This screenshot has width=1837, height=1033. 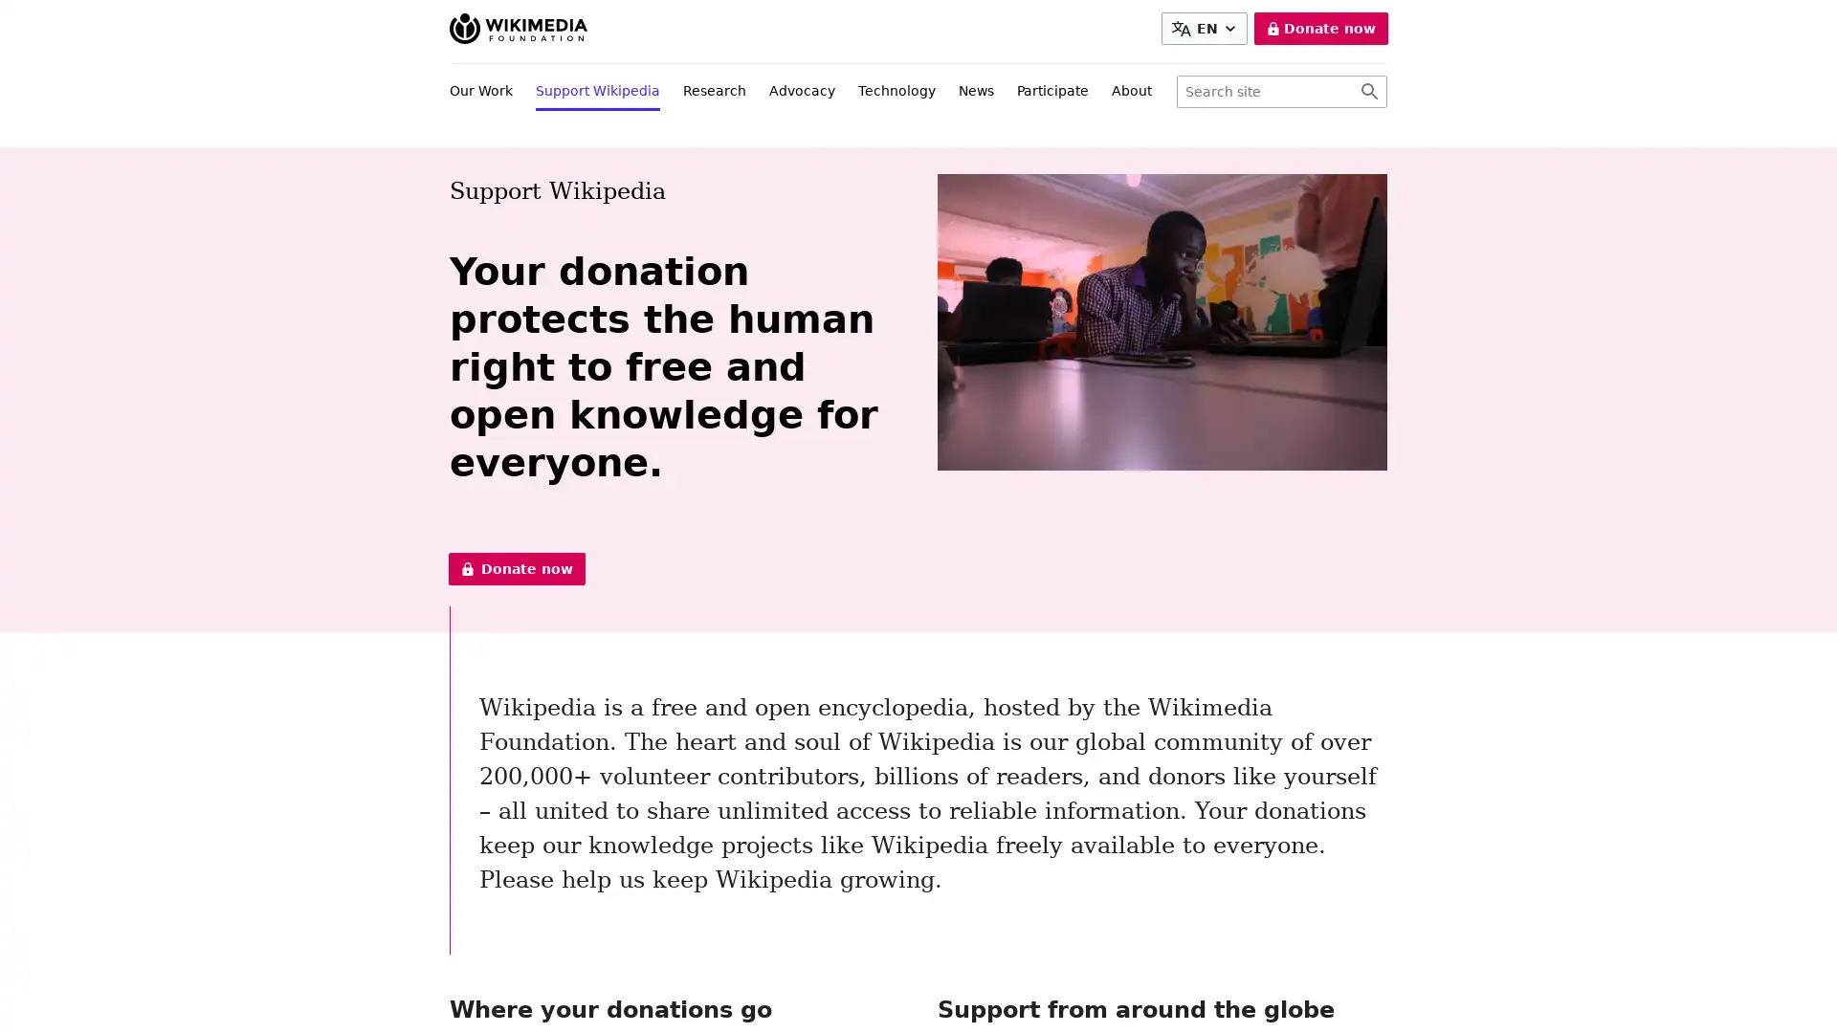 I want to click on Search, so click(x=1368, y=92).